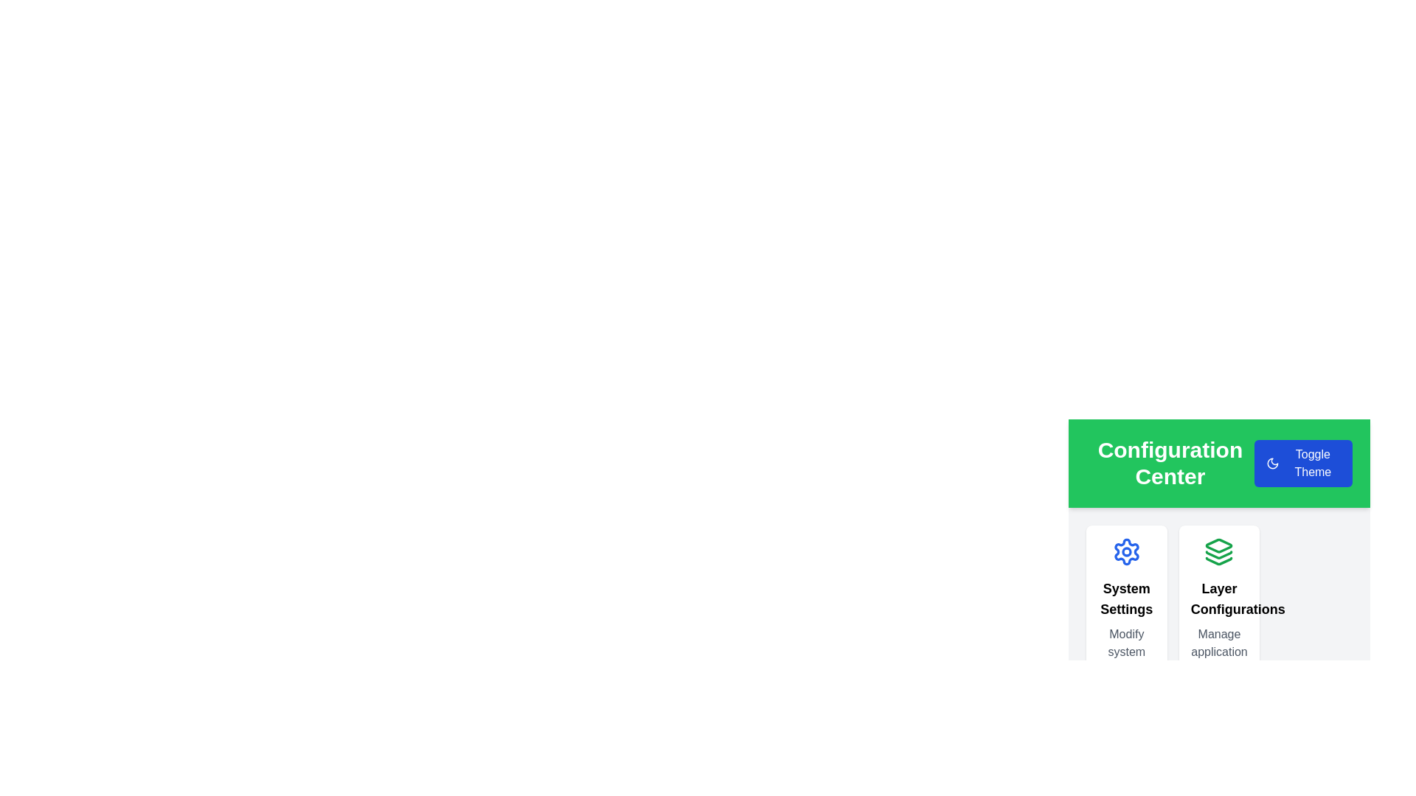 This screenshot has width=1416, height=796. Describe the element at coordinates (1219, 555) in the screenshot. I see `the 'Layer Configurations' button which encompasses the middle component of the layered stack icon` at that location.